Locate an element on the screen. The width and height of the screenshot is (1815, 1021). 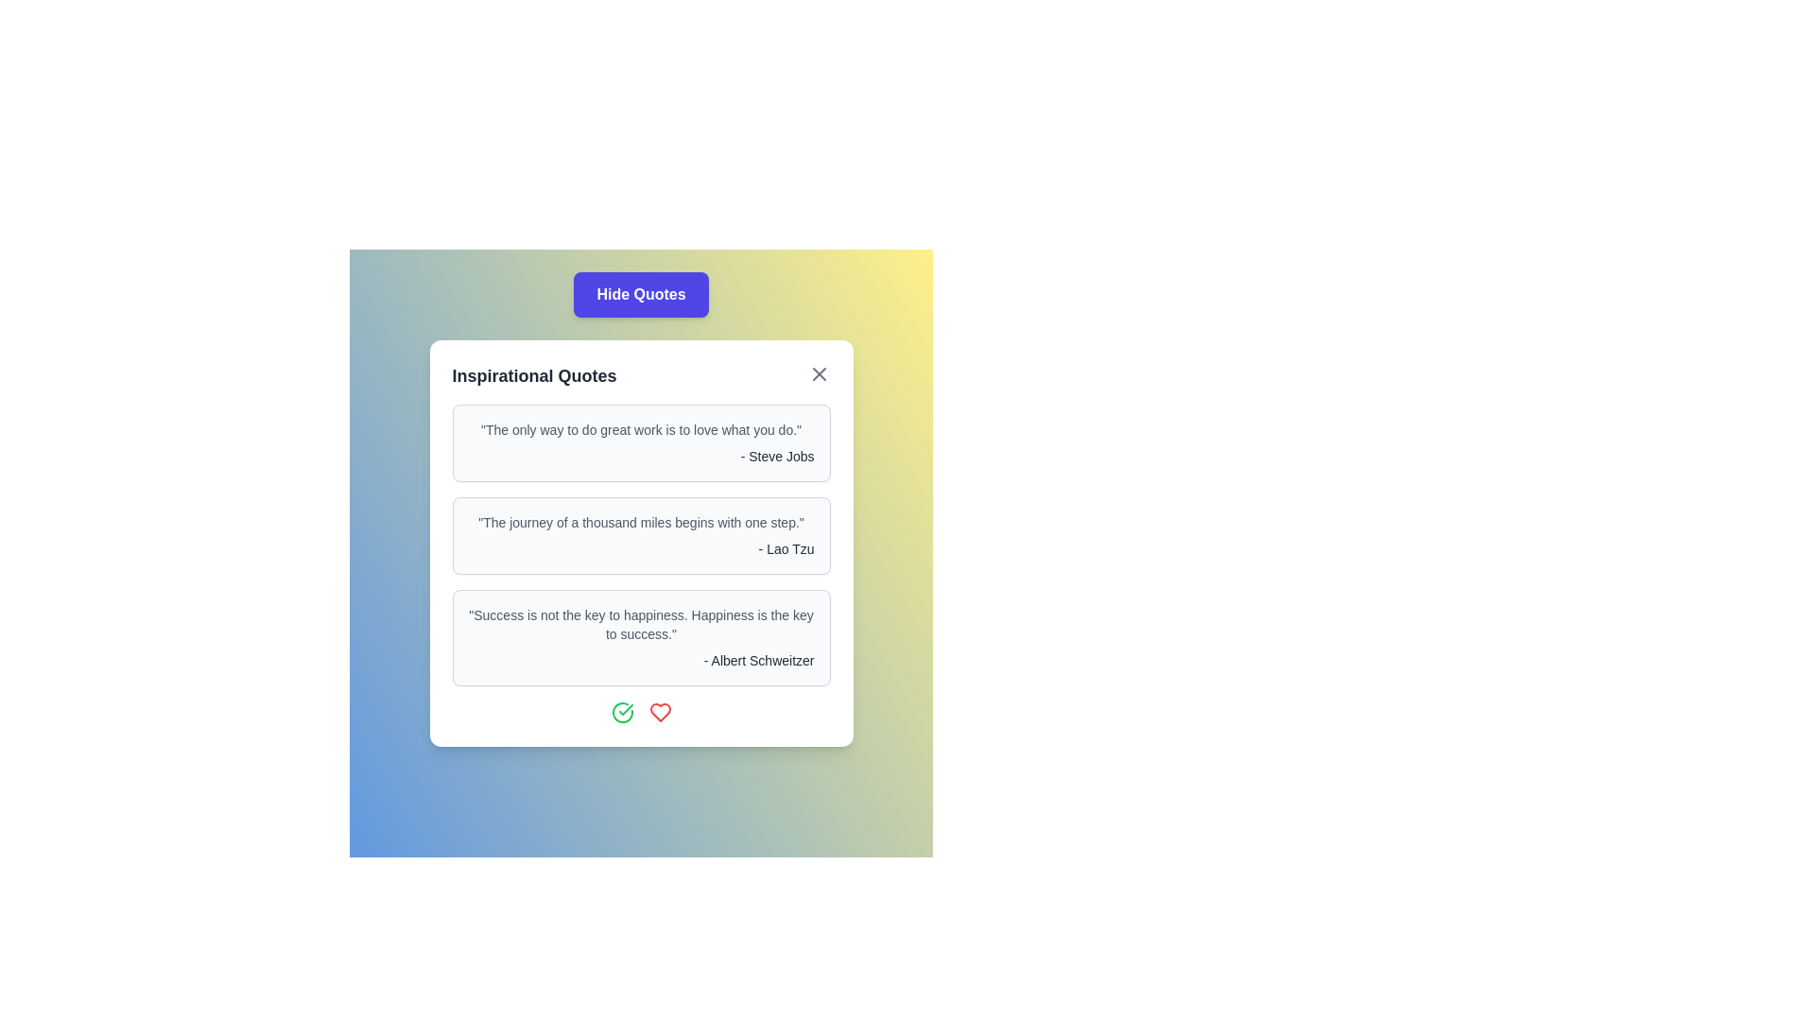
the small 'X' icon button in the top-right corner of the 'Inspirational Quotes' card to potentially reveal a tooltip is located at coordinates (819, 374).